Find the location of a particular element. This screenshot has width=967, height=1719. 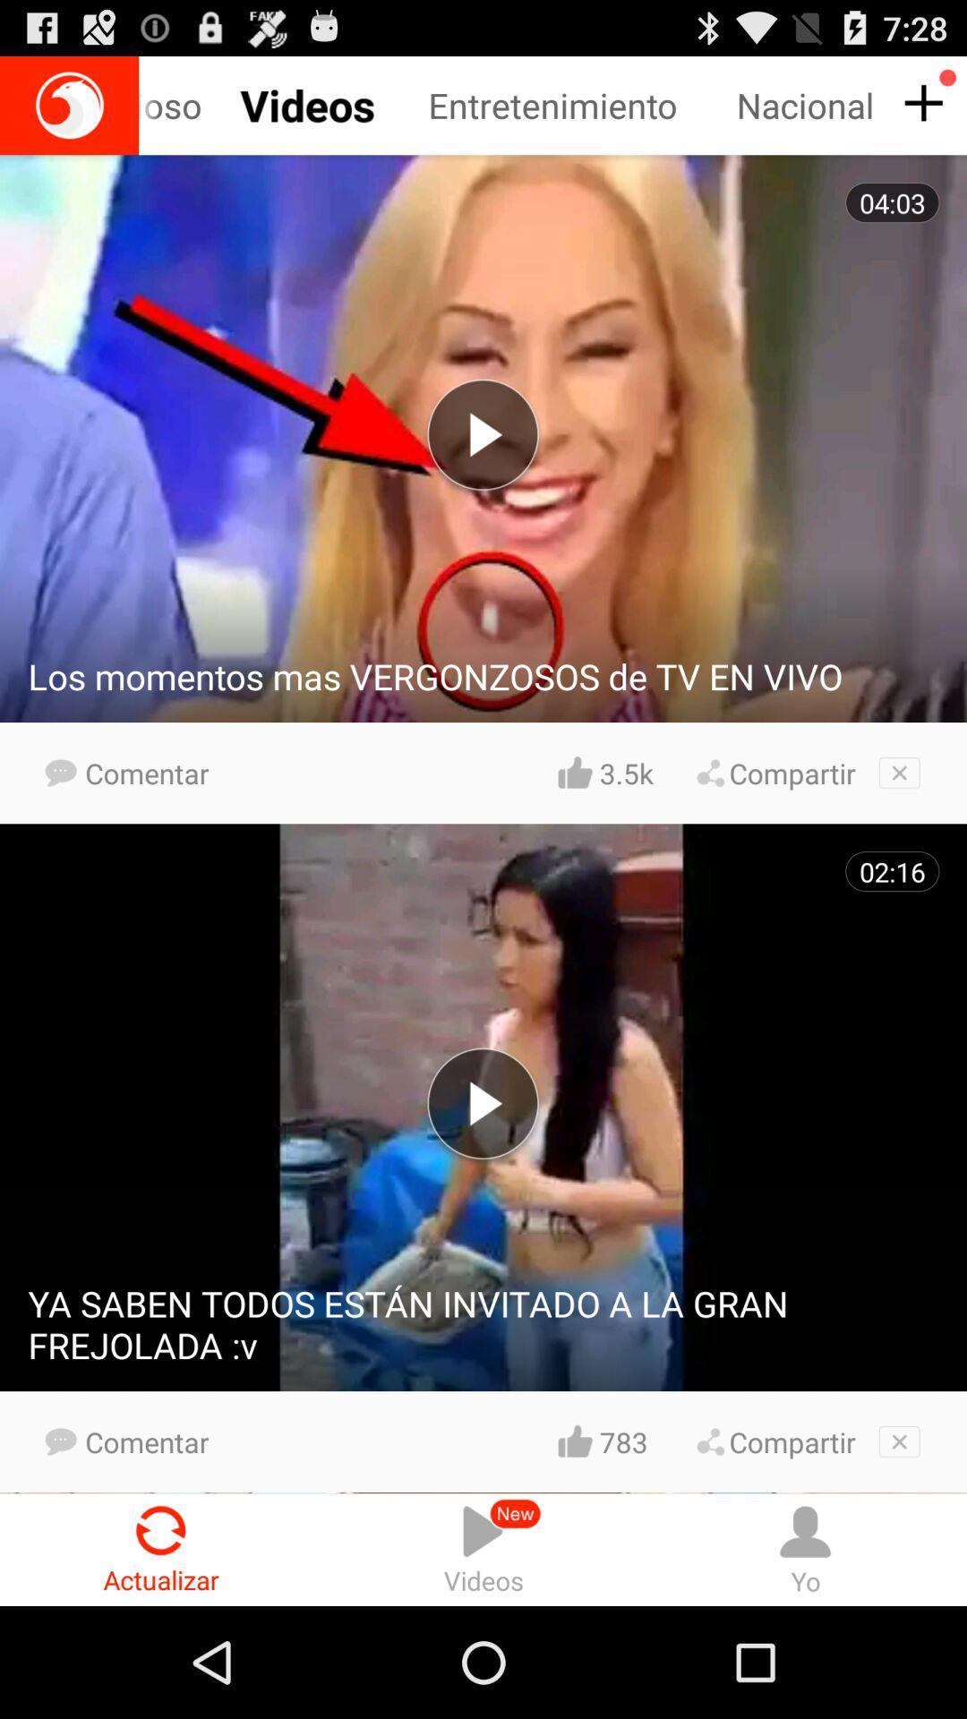

item next to comentar is located at coordinates (625, 773).